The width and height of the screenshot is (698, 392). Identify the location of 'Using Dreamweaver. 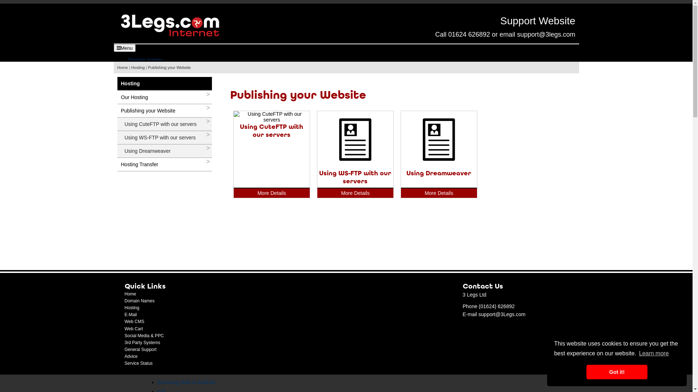
(439, 146).